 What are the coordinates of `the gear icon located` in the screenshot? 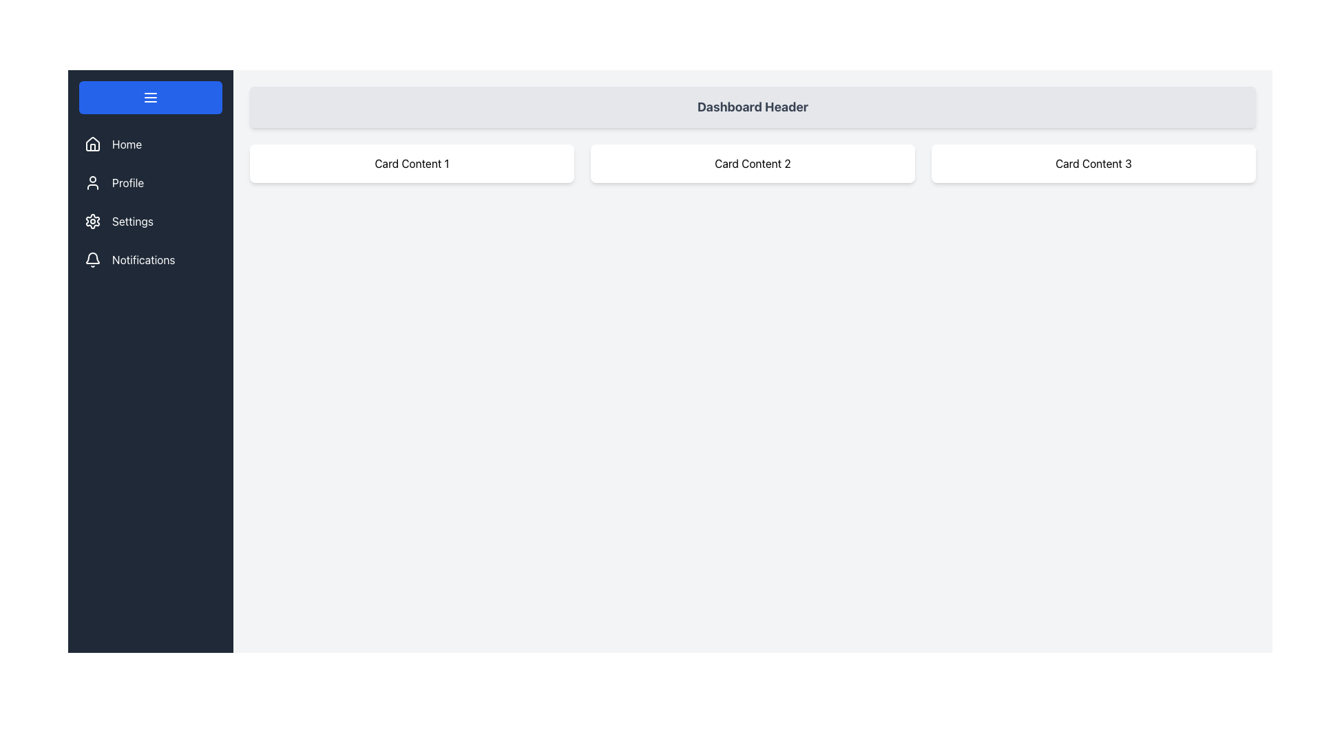 It's located at (92, 220).